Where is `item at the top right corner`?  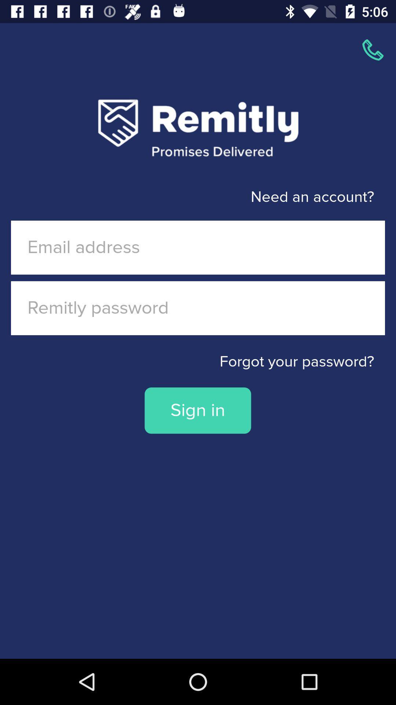 item at the top right corner is located at coordinates (373, 50).